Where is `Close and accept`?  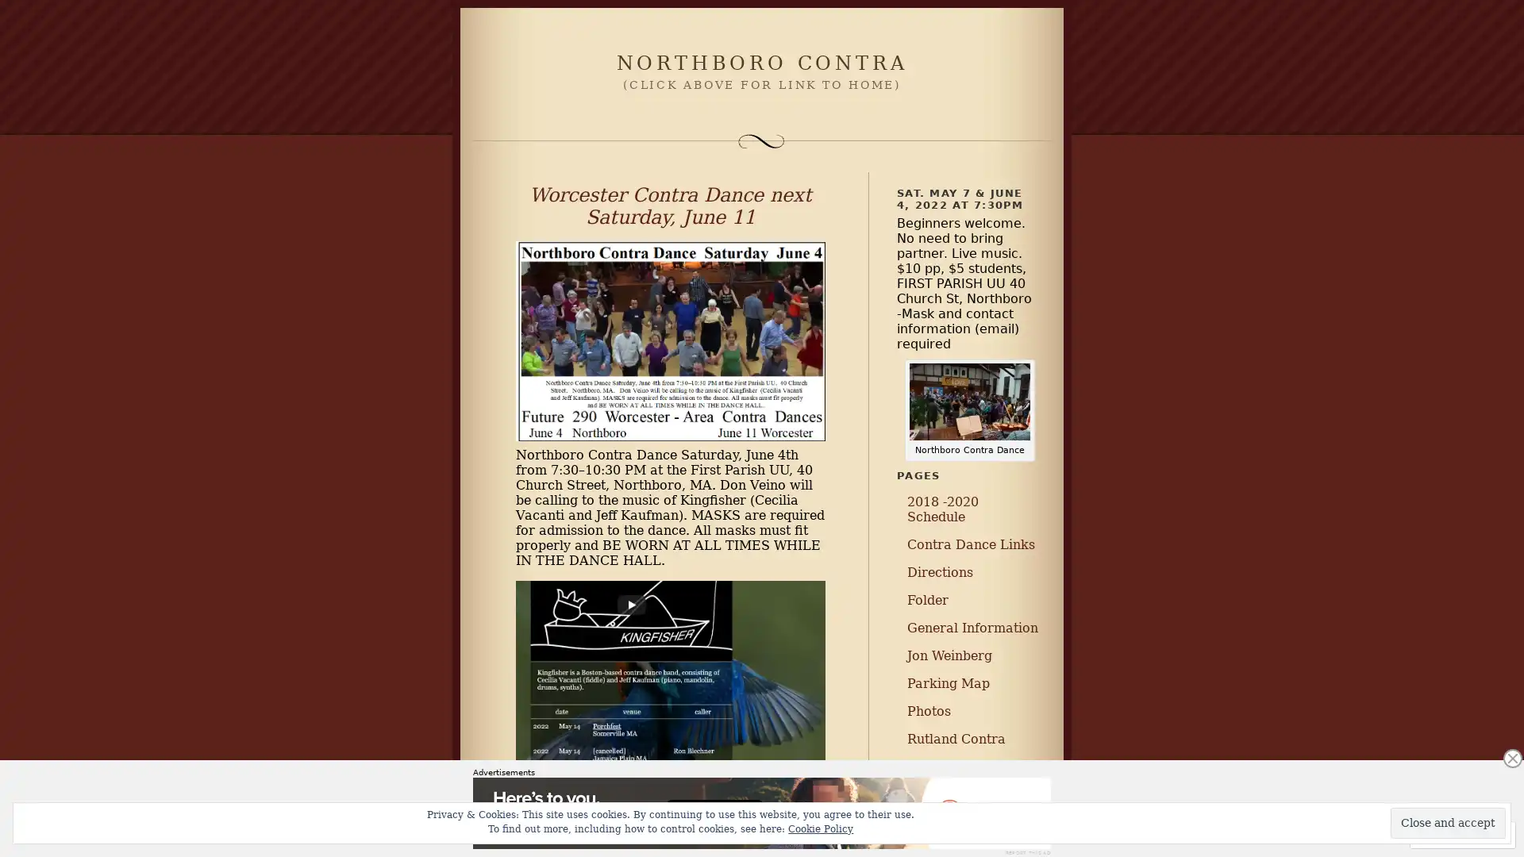 Close and accept is located at coordinates (1448, 822).